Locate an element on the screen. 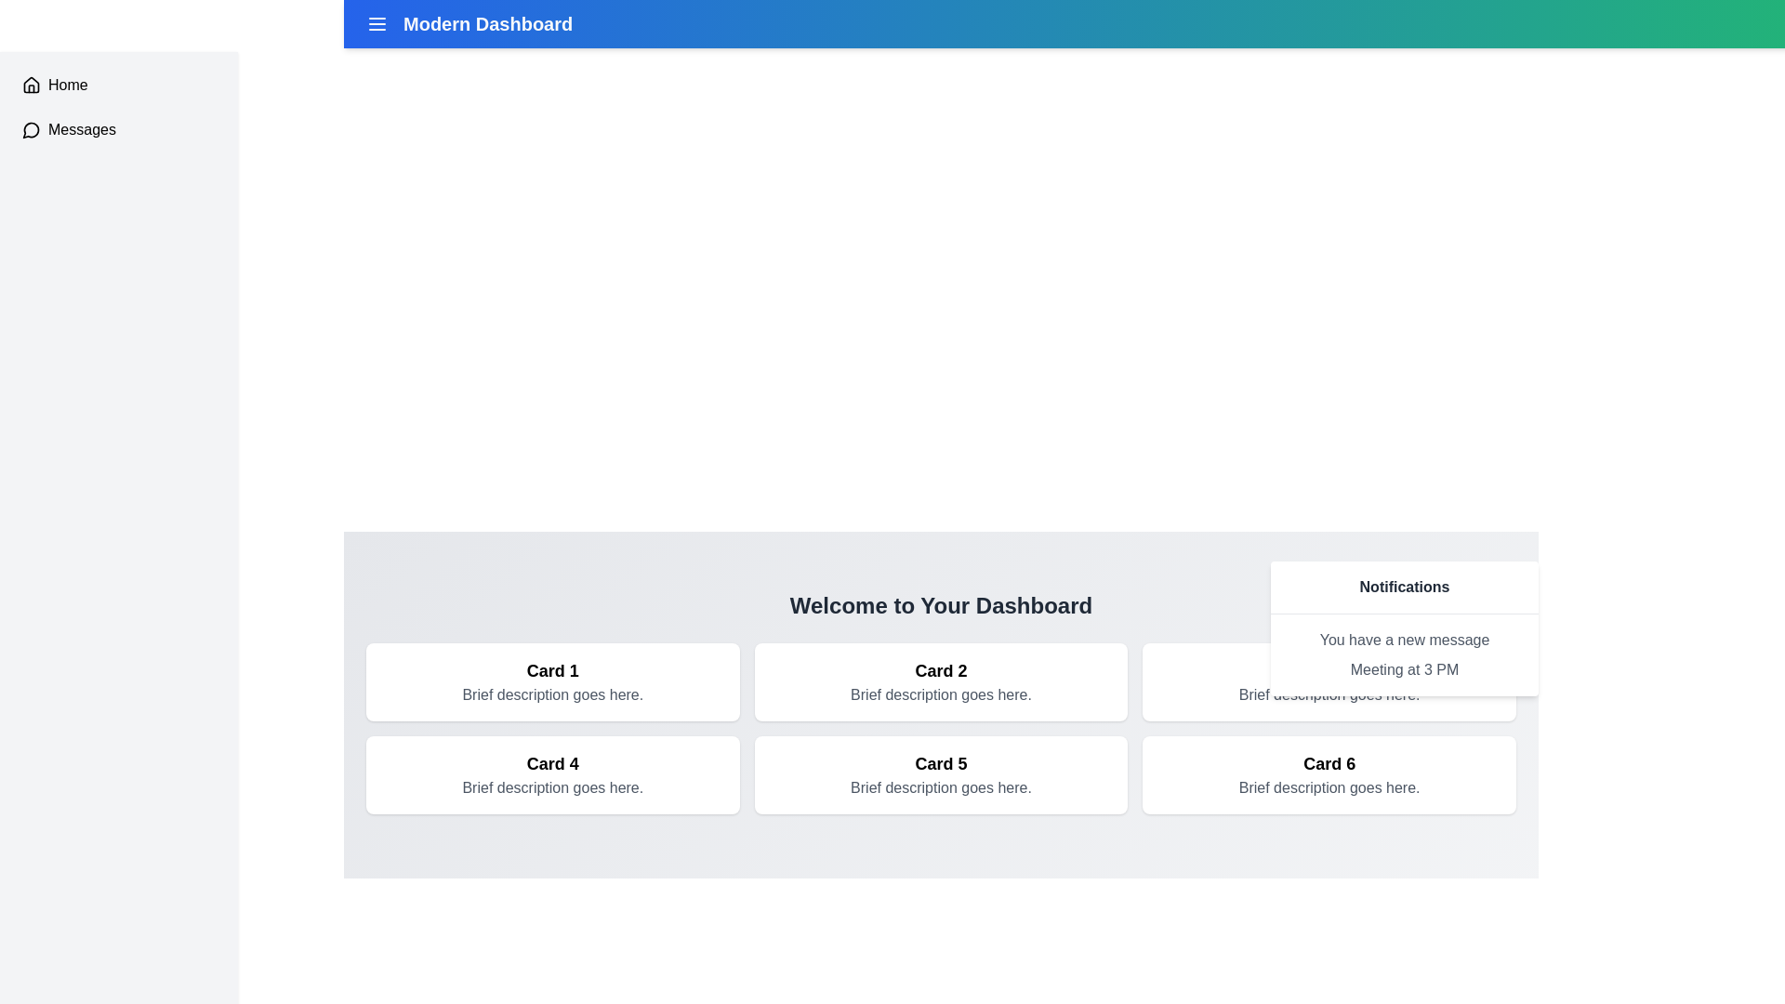  the notification message indicating a new message, positioned at the top of the notifications list on the right side of the dashboard is located at coordinates (1405, 640).